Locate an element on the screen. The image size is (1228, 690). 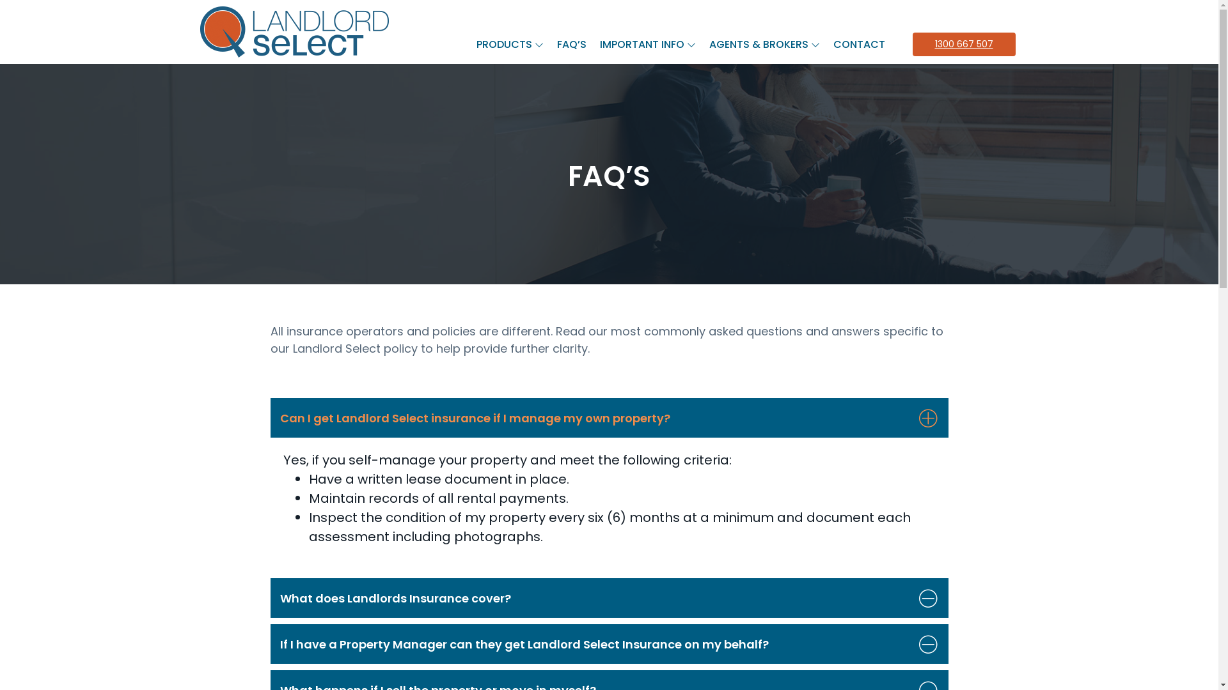
'IMPORTANT INFO' is located at coordinates (594, 43).